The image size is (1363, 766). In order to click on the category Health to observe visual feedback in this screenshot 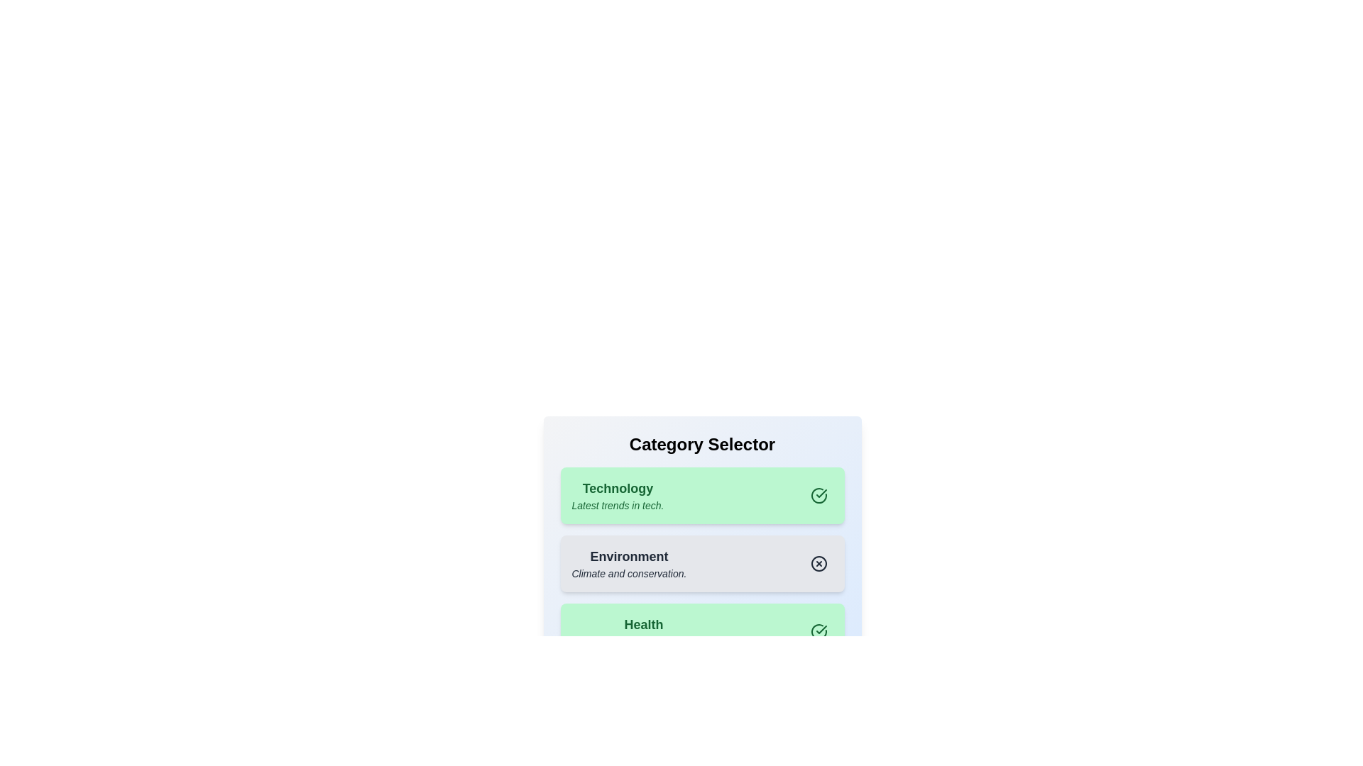, I will do `click(643, 631)`.